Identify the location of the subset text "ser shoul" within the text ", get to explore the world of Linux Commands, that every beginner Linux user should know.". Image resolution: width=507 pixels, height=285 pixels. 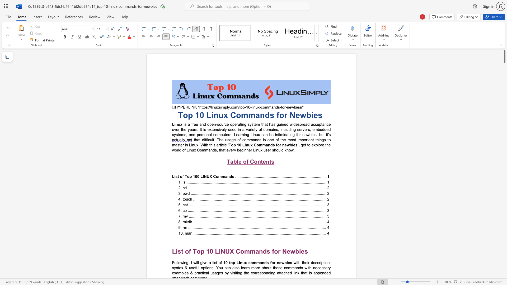
(266, 150).